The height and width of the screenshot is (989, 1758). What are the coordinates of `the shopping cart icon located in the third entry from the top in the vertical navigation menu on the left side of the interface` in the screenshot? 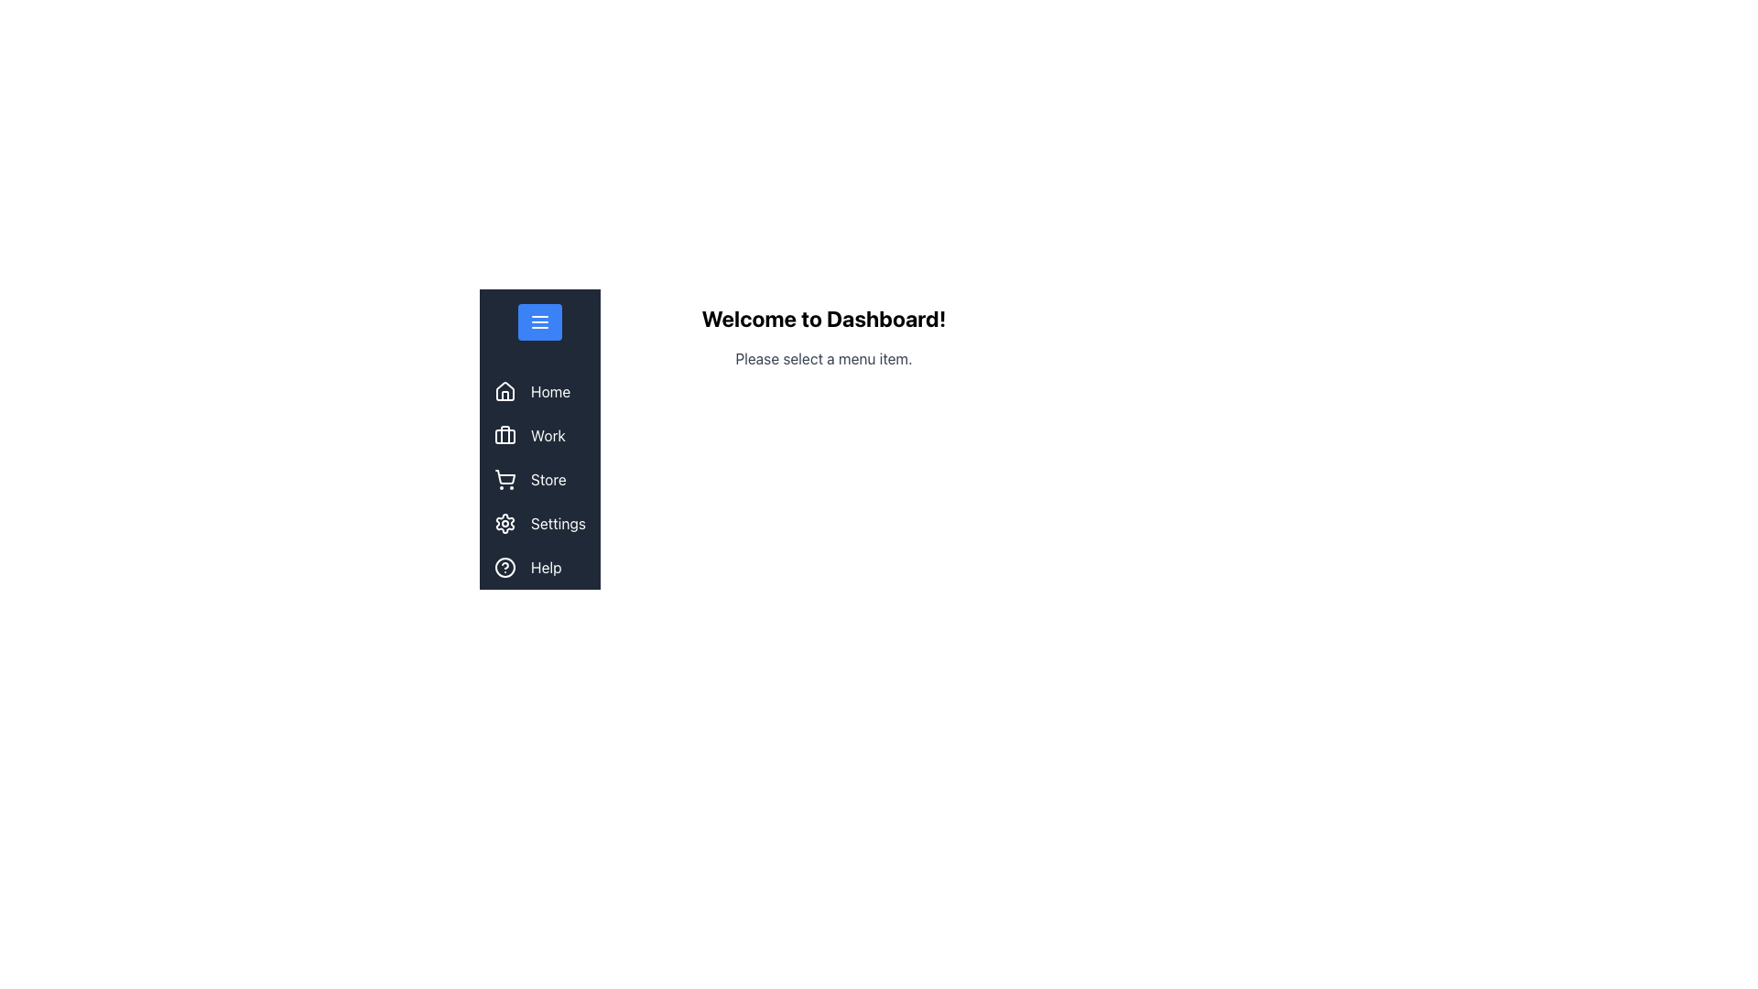 It's located at (505, 476).